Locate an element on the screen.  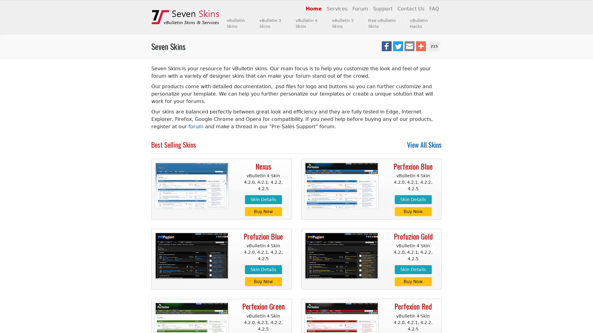
Skin Details is located at coordinates (263, 269).